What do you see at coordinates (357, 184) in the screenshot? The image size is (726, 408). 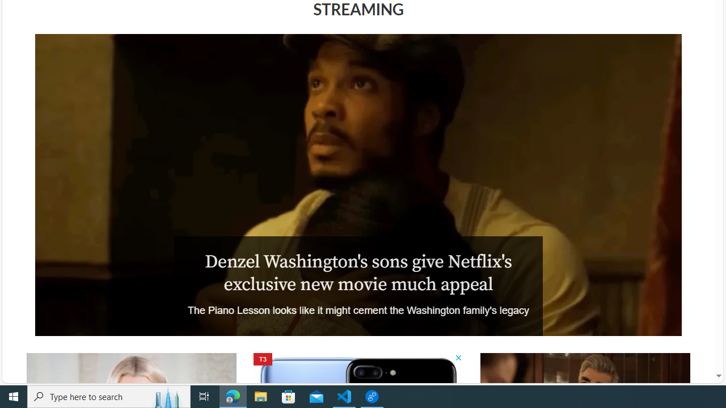 I see `'The Piano Lesson'` at bounding box center [357, 184].